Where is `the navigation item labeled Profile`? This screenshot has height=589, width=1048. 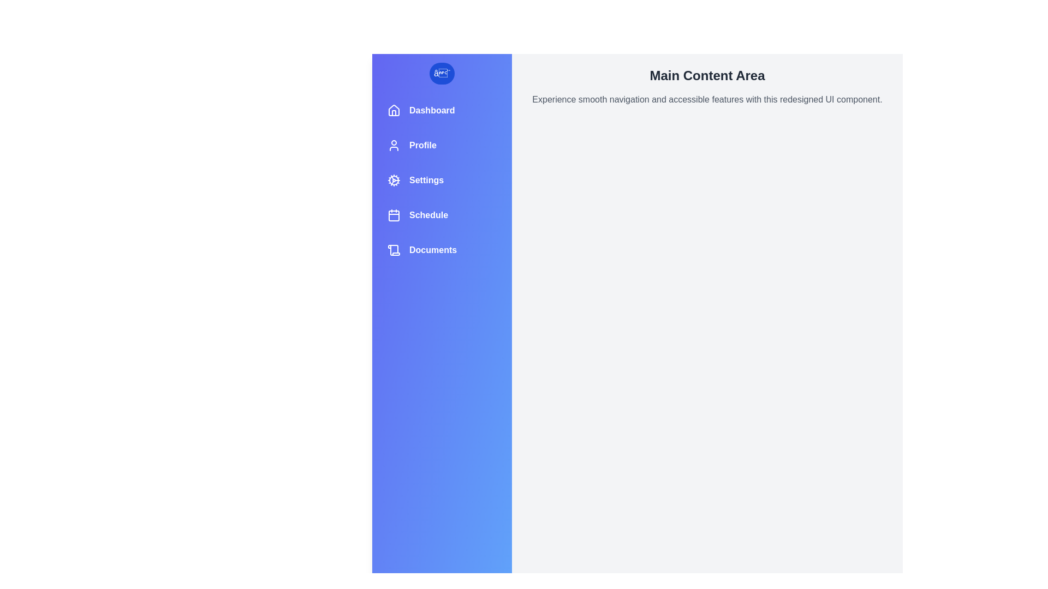
the navigation item labeled Profile is located at coordinates (442, 145).